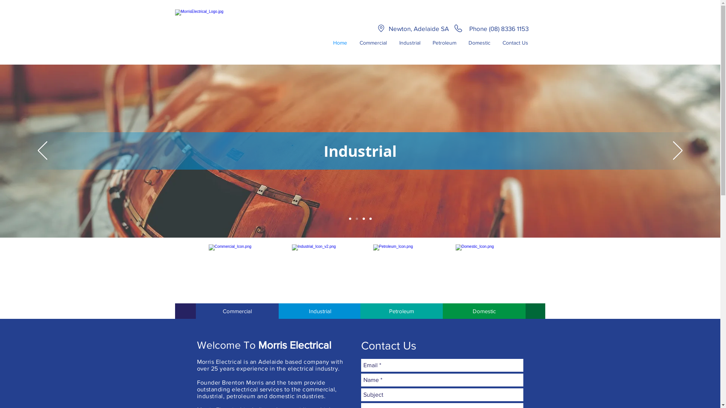 Image resolution: width=726 pixels, height=408 pixels. I want to click on 'Domestic', so click(483, 311).